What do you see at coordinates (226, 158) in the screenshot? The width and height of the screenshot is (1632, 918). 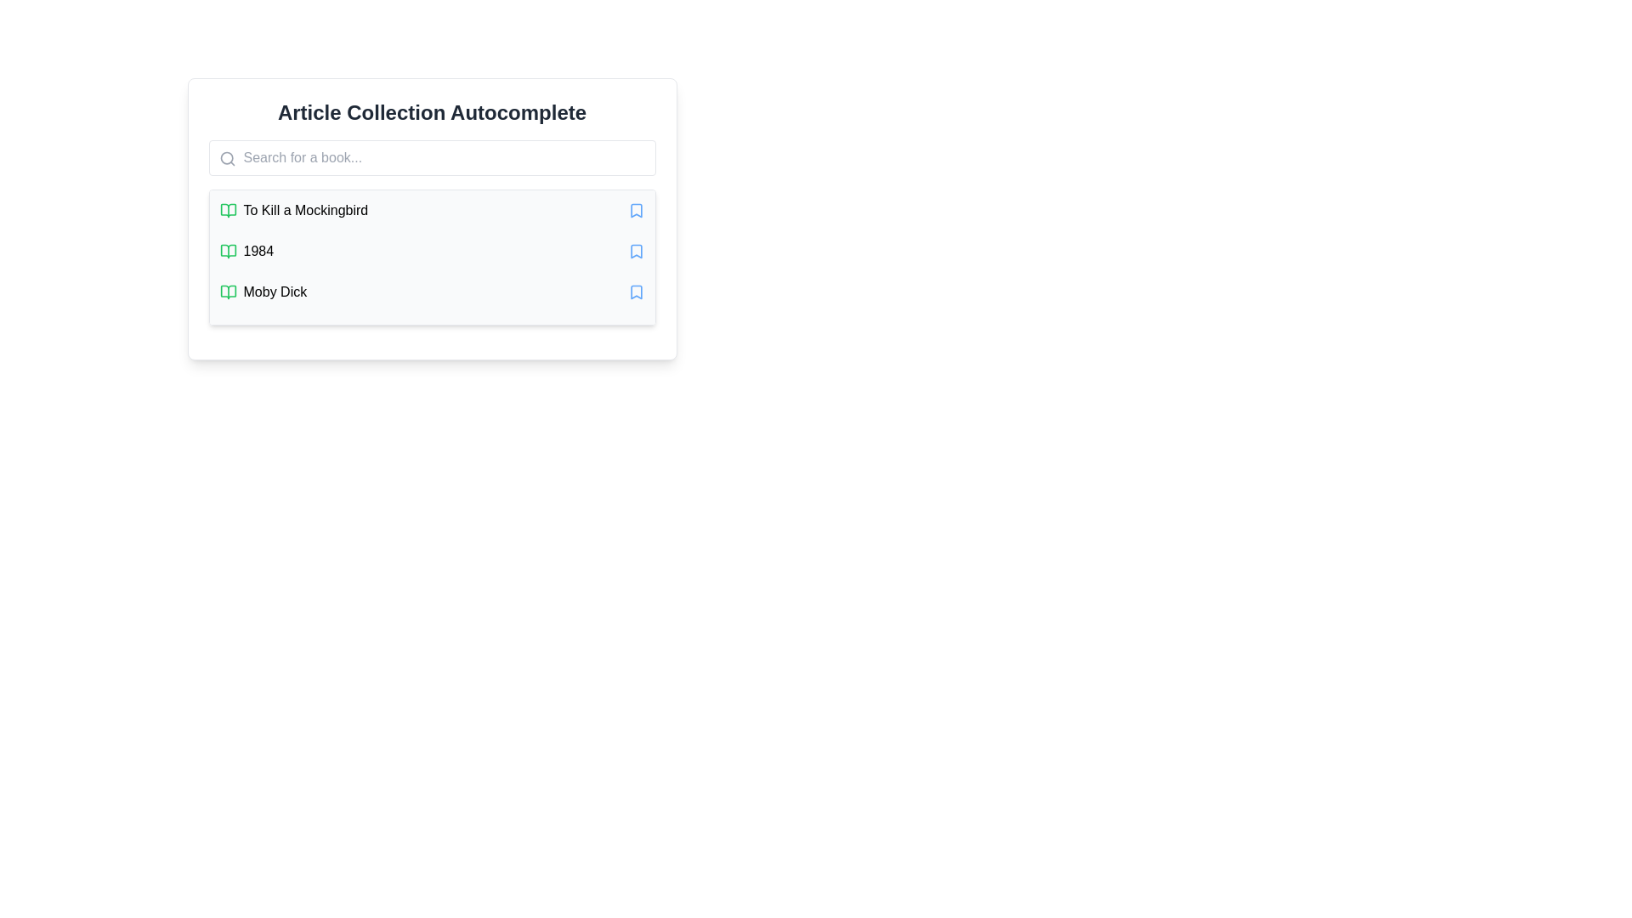 I see `the search icon located at the top left corner of the rounded text input field labeled 'Search for a book...'` at bounding box center [226, 158].